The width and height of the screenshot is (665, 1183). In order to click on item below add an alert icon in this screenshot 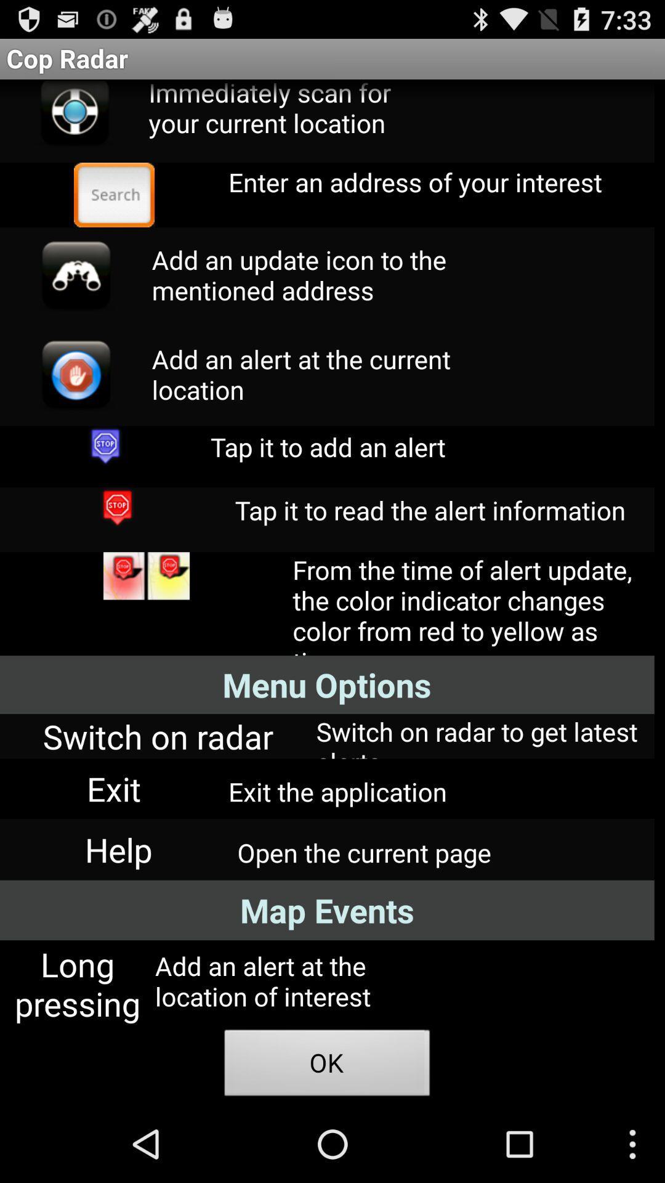, I will do `click(326, 1066)`.